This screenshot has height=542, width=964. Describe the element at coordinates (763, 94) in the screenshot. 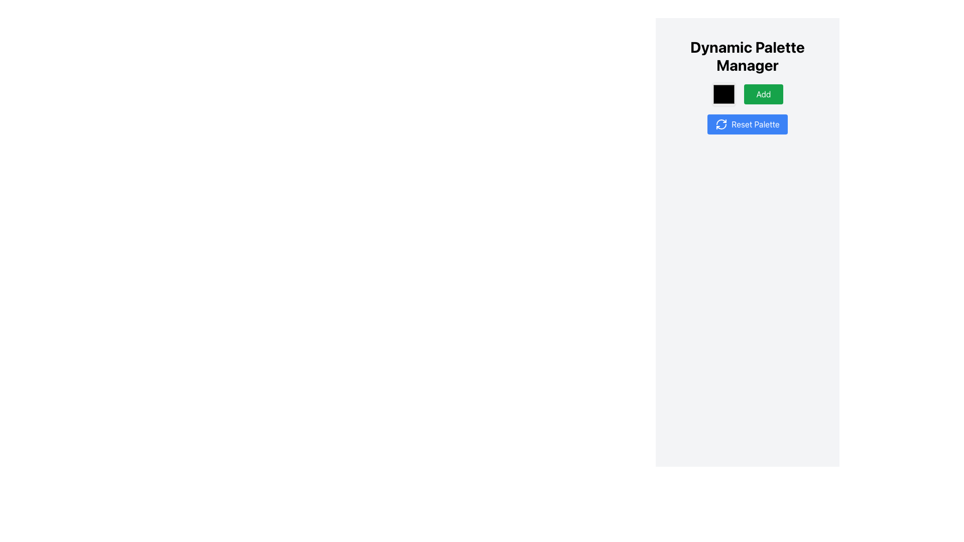

I see `the 'Add' button, which is a green button with white text located under the 'Dynamic Palette Manager' heading, next to the color preview box` at that location.